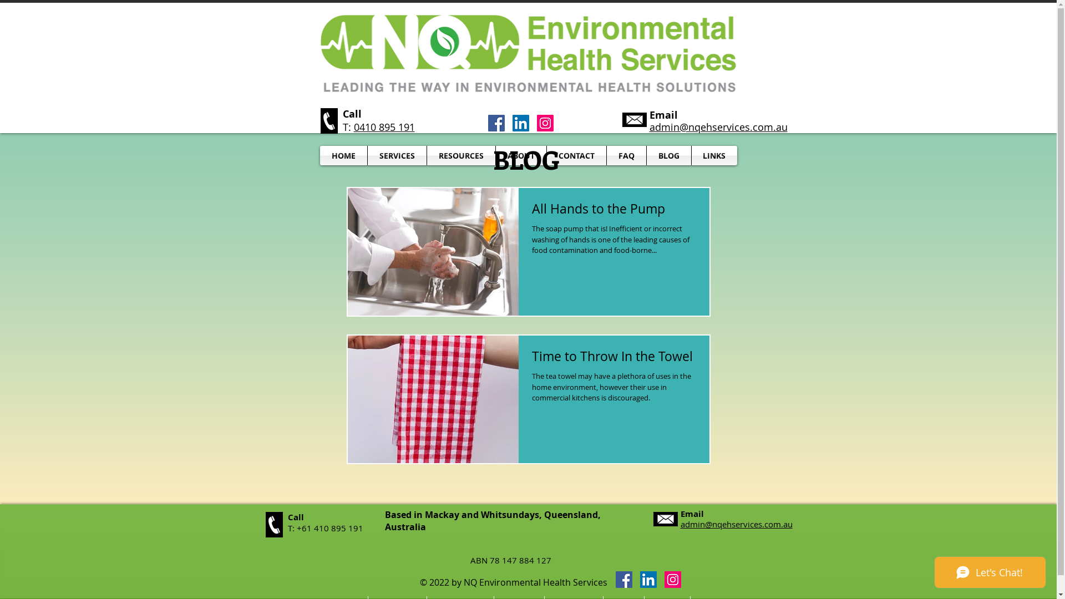 This screenshot has width=1065, height=599. Describe the element at coordinates (384, 126) in the screenshot. I see `'0410 895 191'` at that location.